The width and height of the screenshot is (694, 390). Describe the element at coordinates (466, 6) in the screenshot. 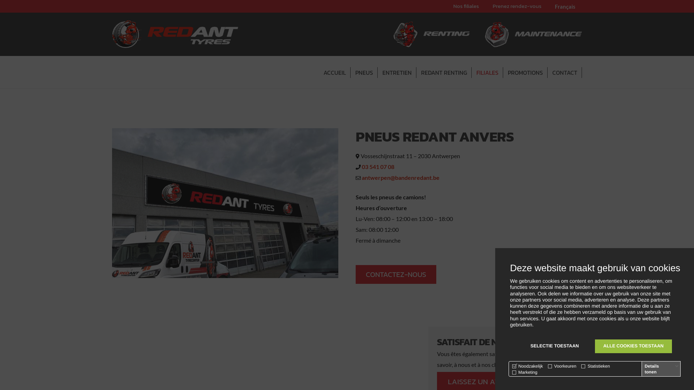

I see `'Nos filiales'` at that location.